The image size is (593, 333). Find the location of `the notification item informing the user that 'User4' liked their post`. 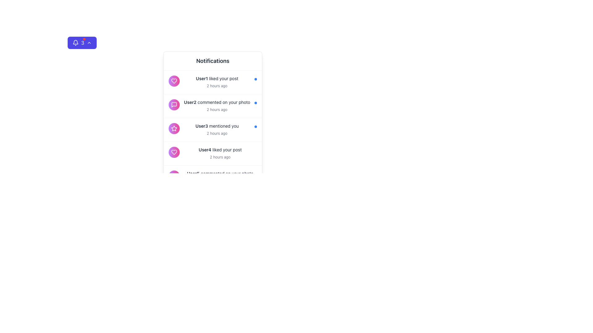

the notification item informing the user that 'User4' liked their post is located at coordinates (213, 153).